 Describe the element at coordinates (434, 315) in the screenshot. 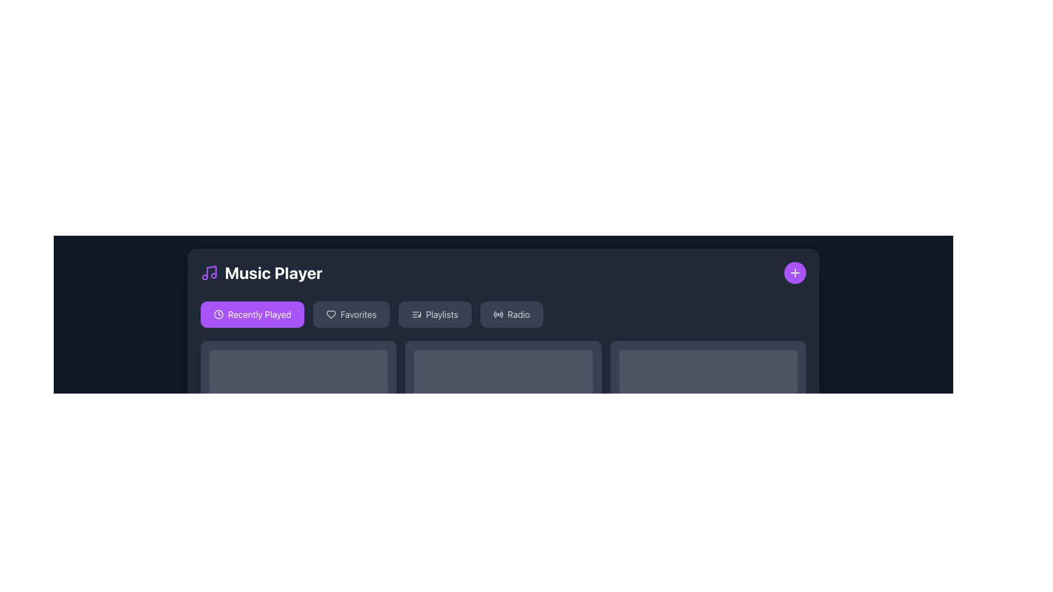

I see `the 'Playlists' button, which is a rectangular button with rounded corners, dark gray background, and light gray text` at that location.